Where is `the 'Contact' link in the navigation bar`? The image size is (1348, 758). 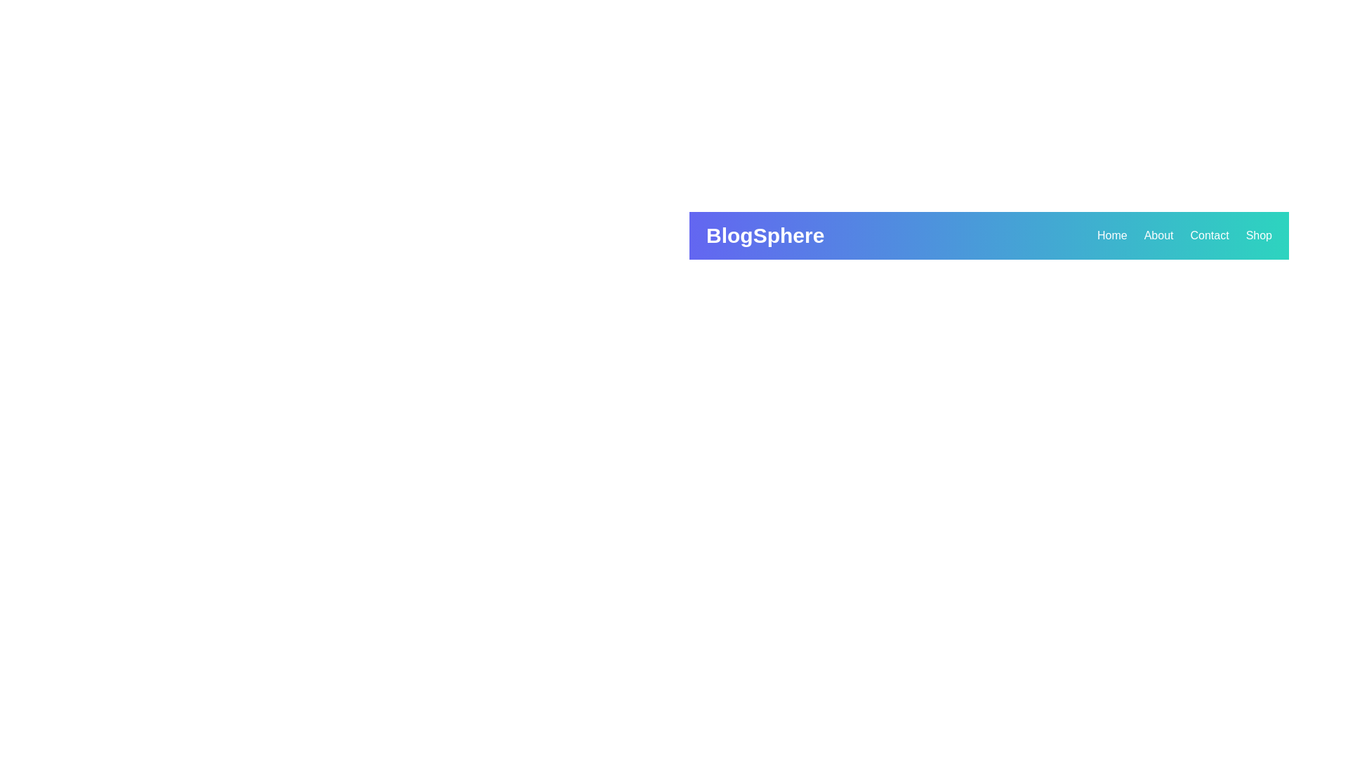
the 'Contact' link in the navigation bar is located at coordinates (1209, 234).